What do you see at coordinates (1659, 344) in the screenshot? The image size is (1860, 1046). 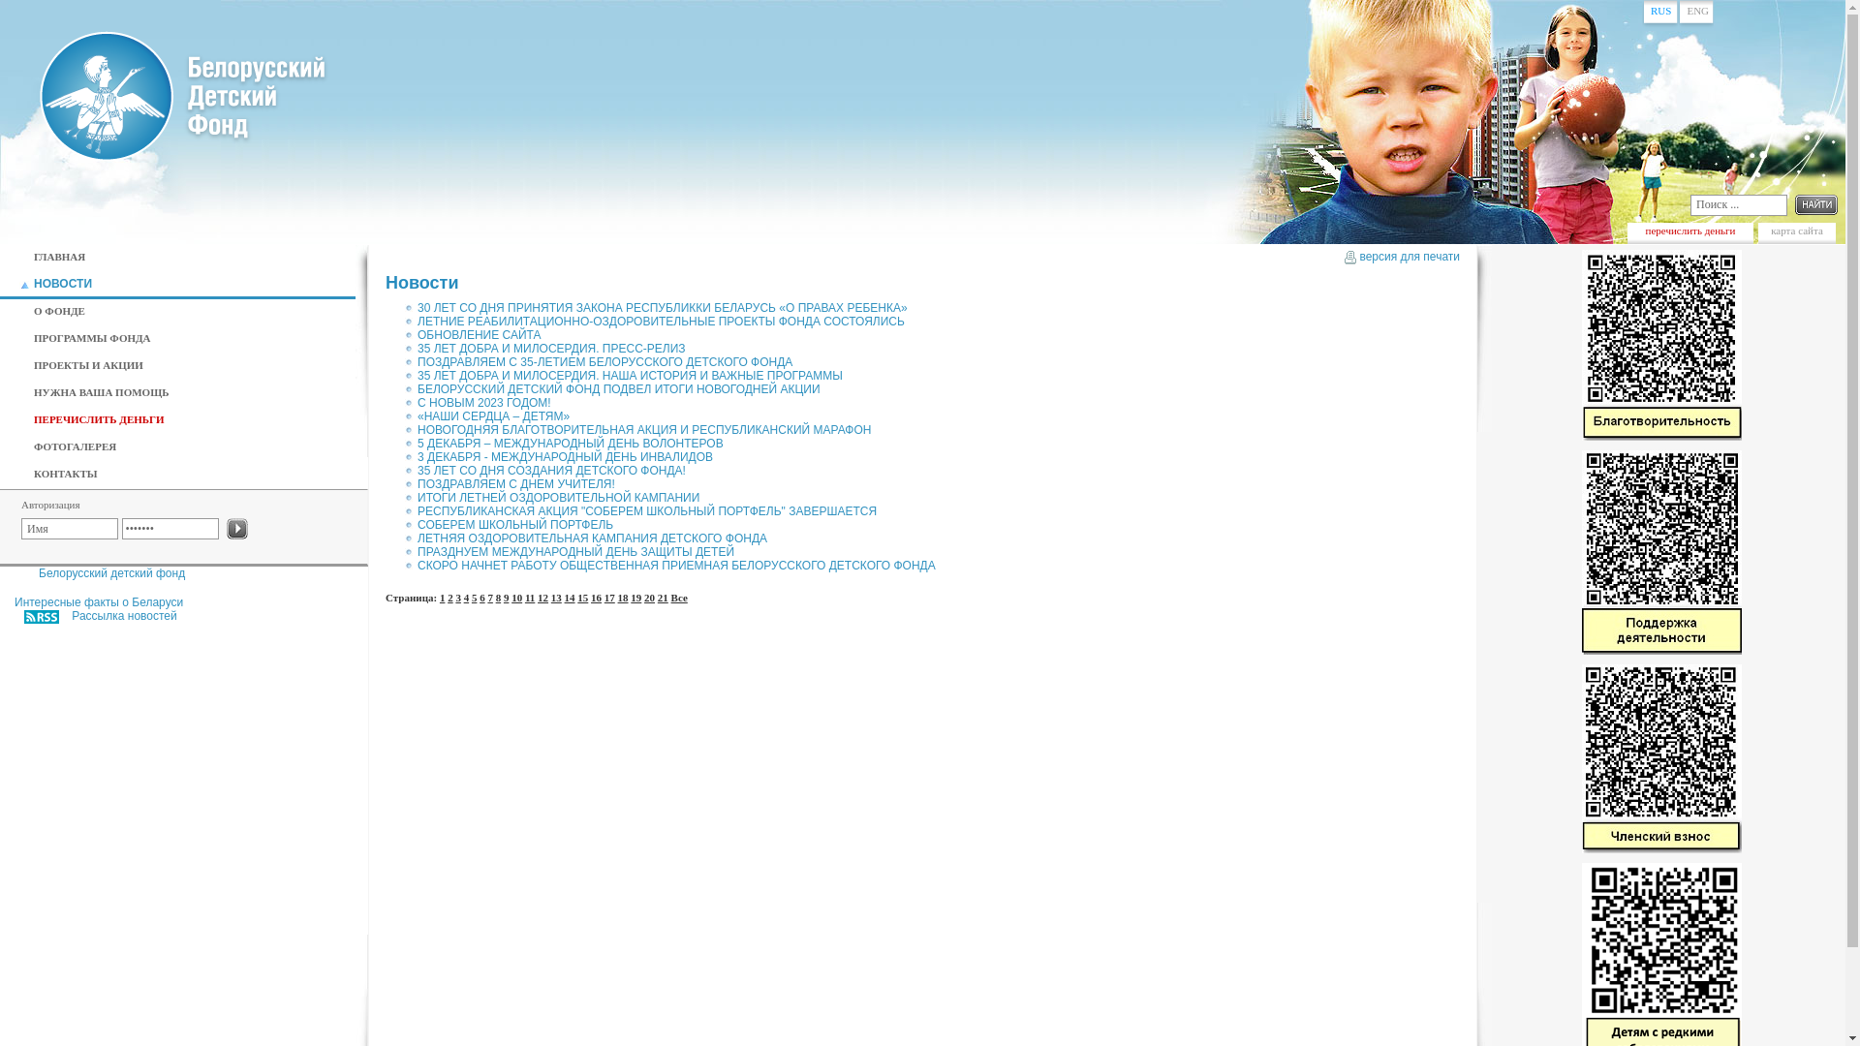 I see `'Blagotvoritelnost'` at bounding box center [1659, 344].